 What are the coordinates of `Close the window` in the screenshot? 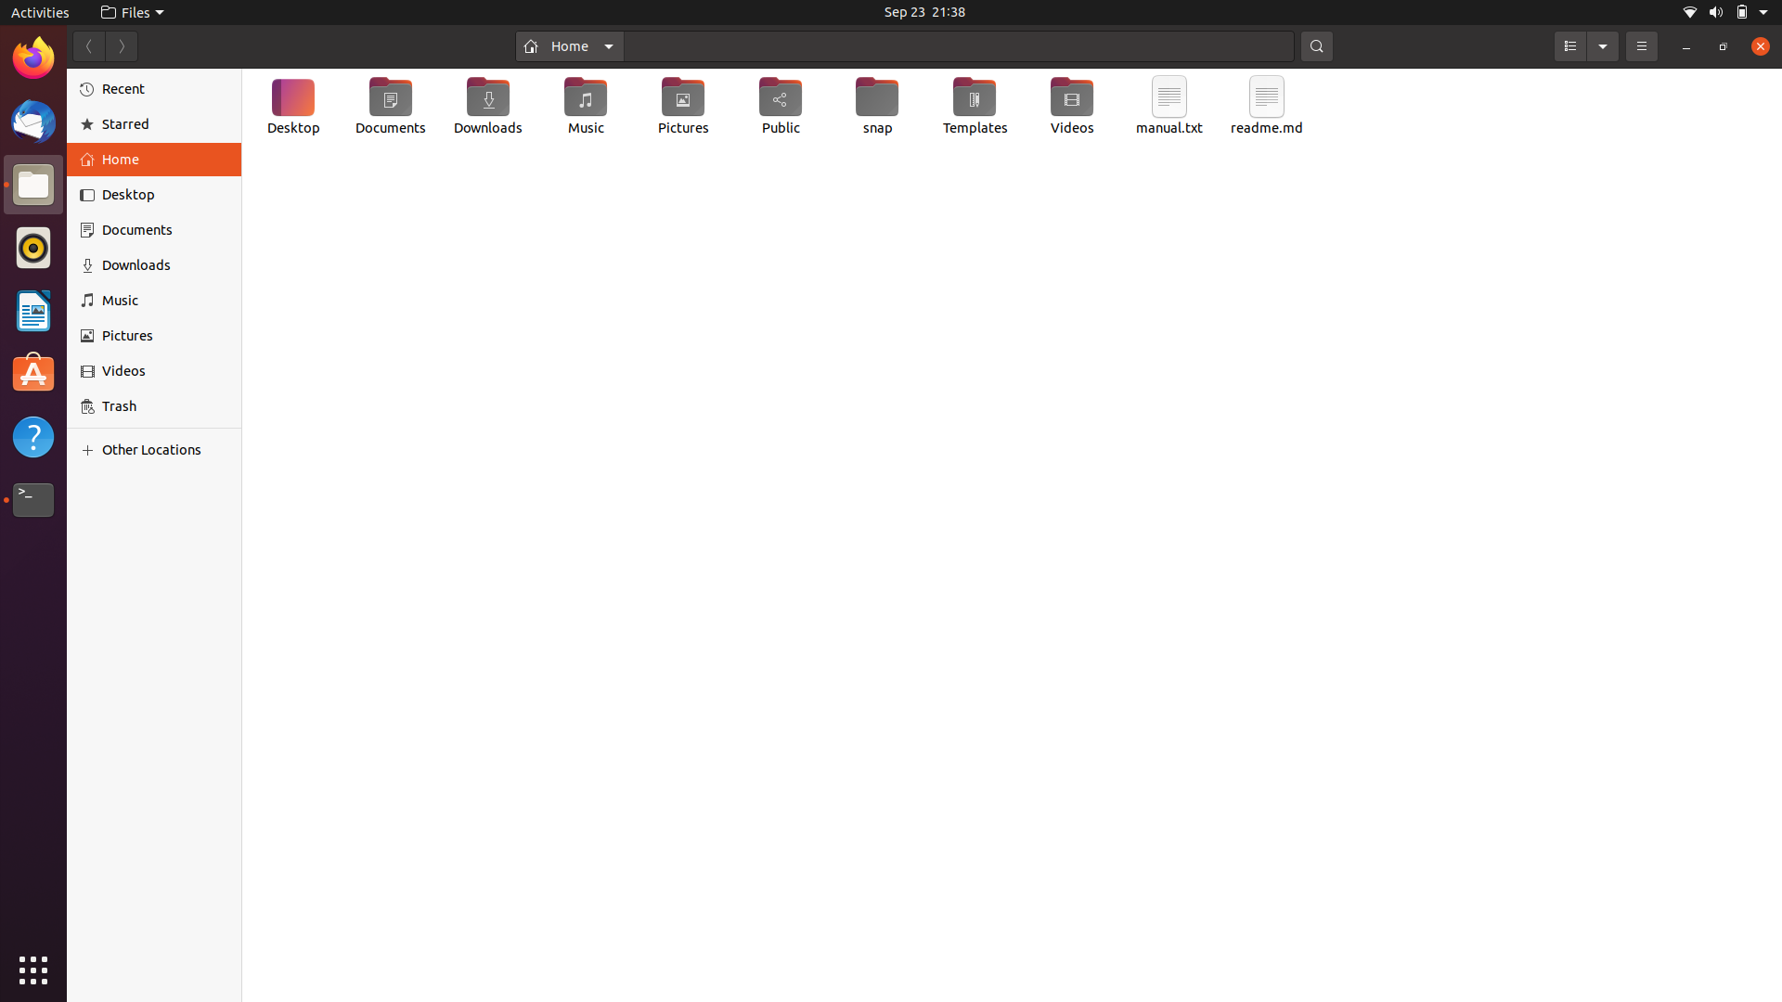 It's located at (1757, 46).